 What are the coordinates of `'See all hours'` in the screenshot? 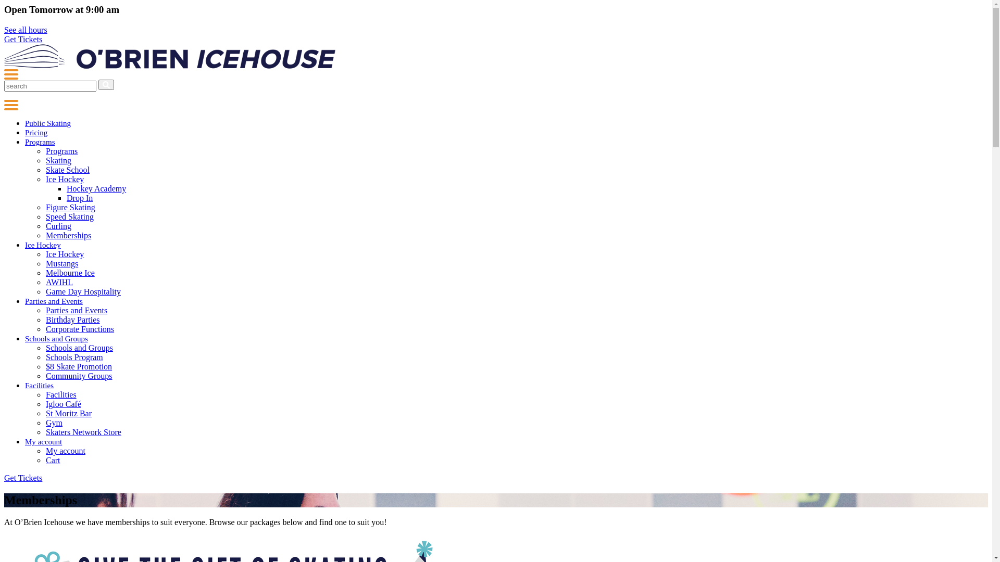 It's located at (26, 29).